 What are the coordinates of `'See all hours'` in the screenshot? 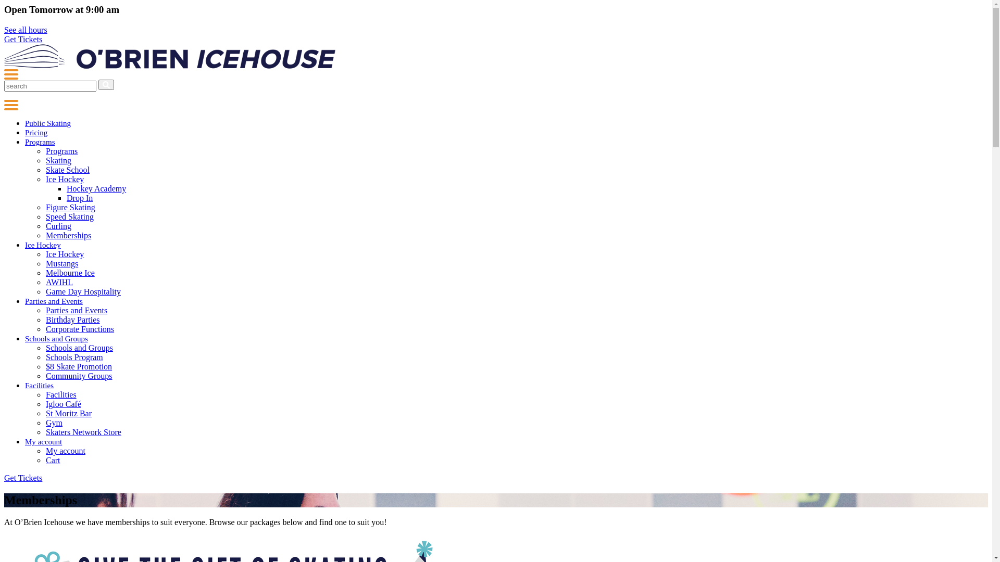 It's located at (26, 29).